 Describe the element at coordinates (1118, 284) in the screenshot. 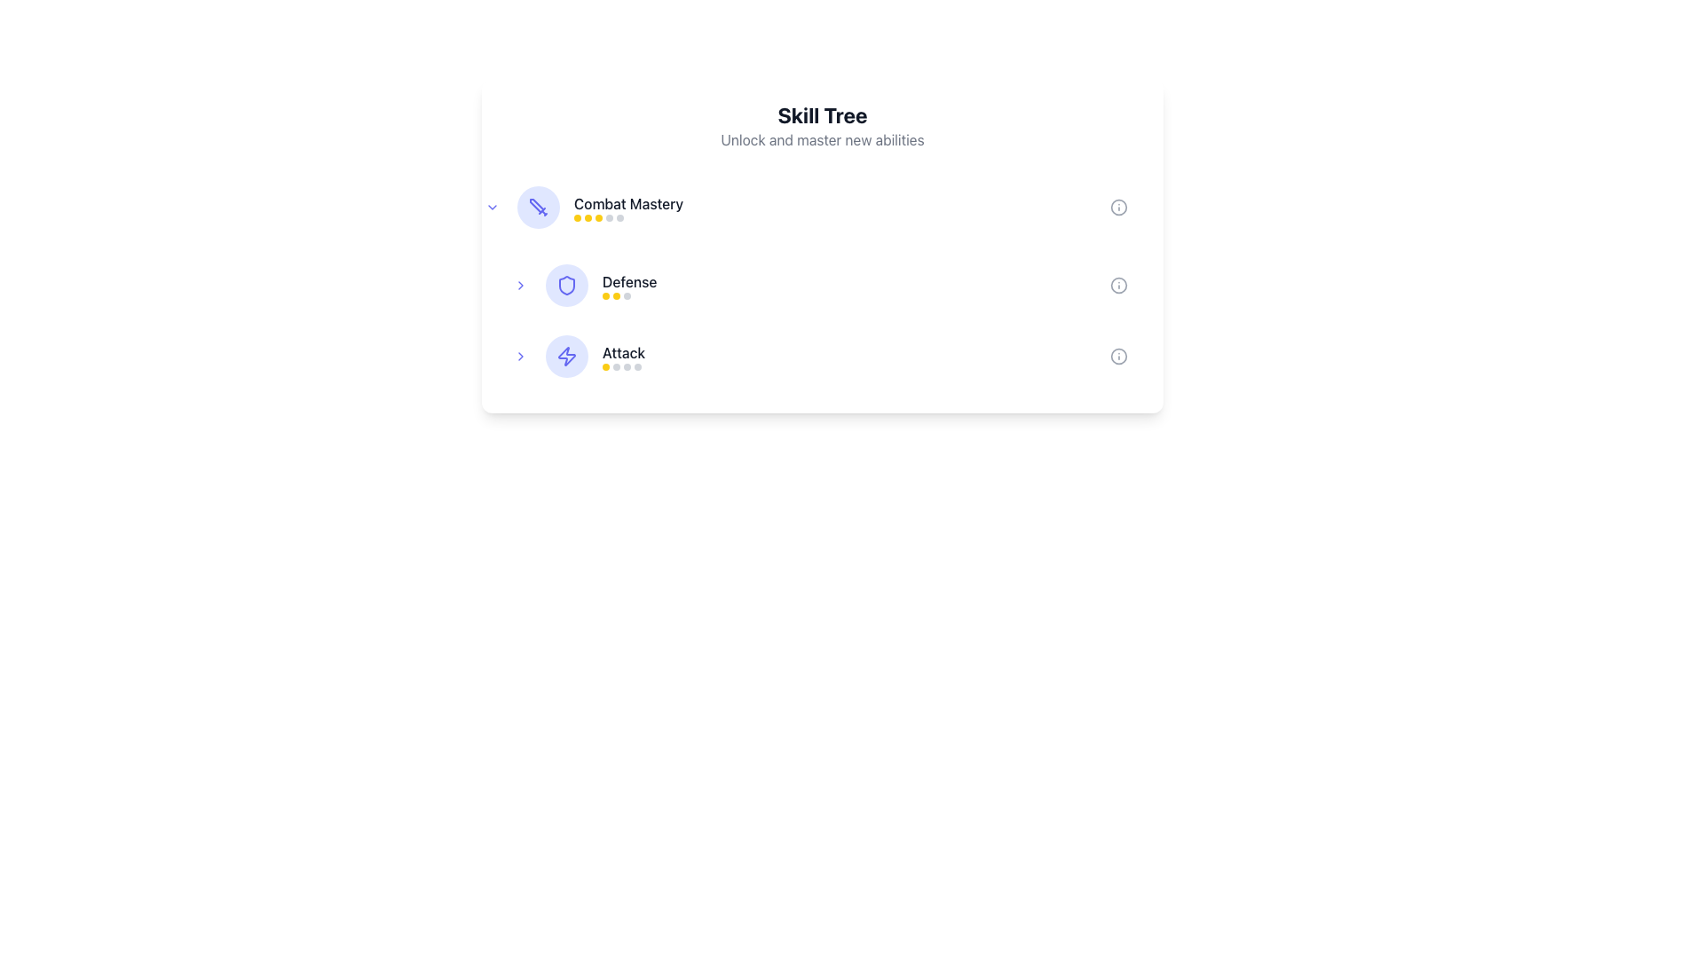

I see `the Information icon on the far-right end of the 'Defense' row in the 'Skill Tree' interface` at that location.